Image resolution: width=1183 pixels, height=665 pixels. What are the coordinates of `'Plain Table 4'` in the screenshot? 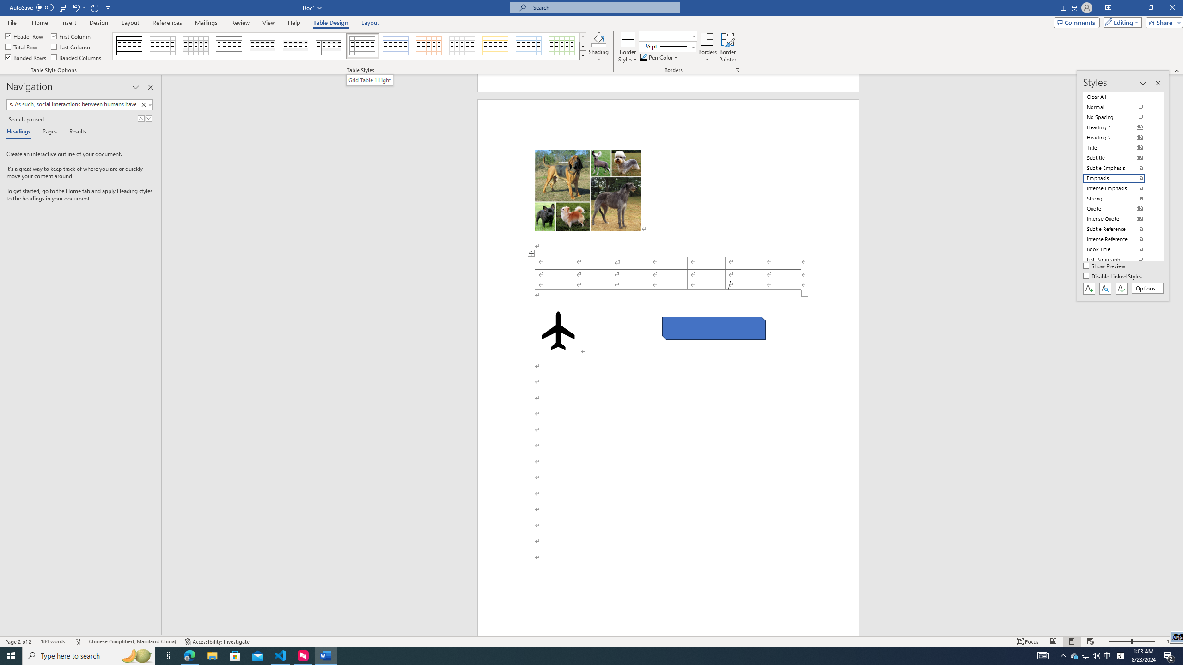 It's located at (296, 46).